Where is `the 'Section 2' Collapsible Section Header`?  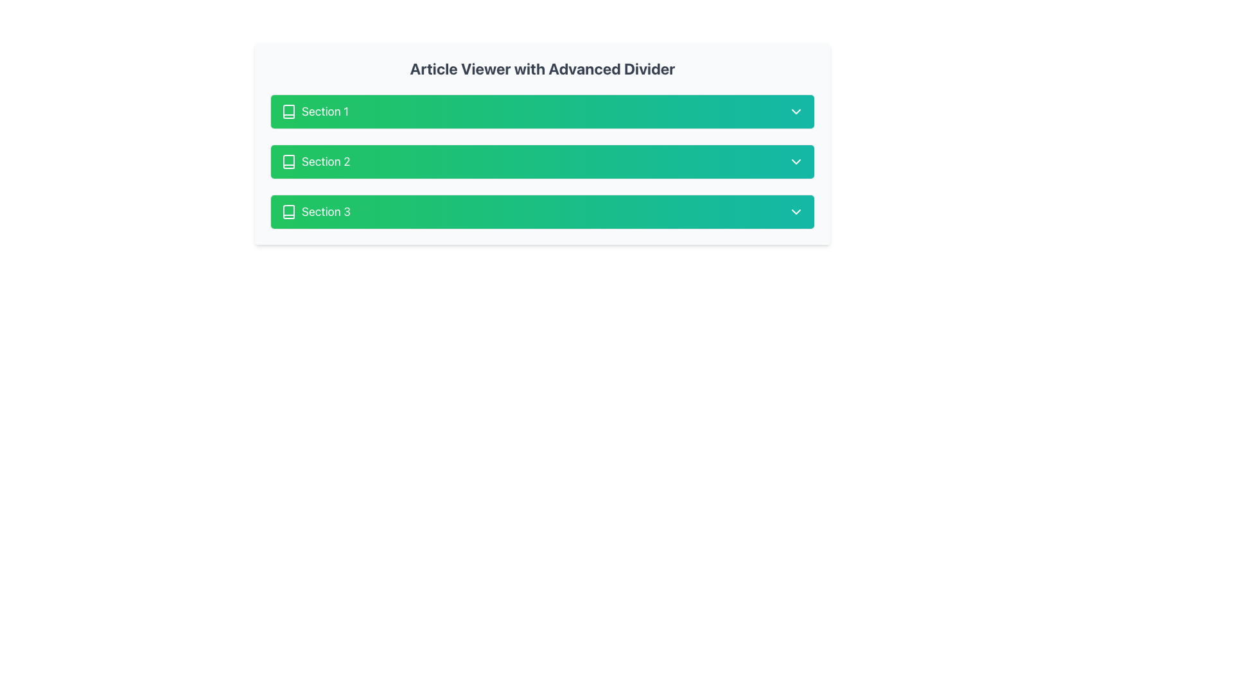 the 'Section 2' Collapsible Section Header is located at coordinates (542, 161).